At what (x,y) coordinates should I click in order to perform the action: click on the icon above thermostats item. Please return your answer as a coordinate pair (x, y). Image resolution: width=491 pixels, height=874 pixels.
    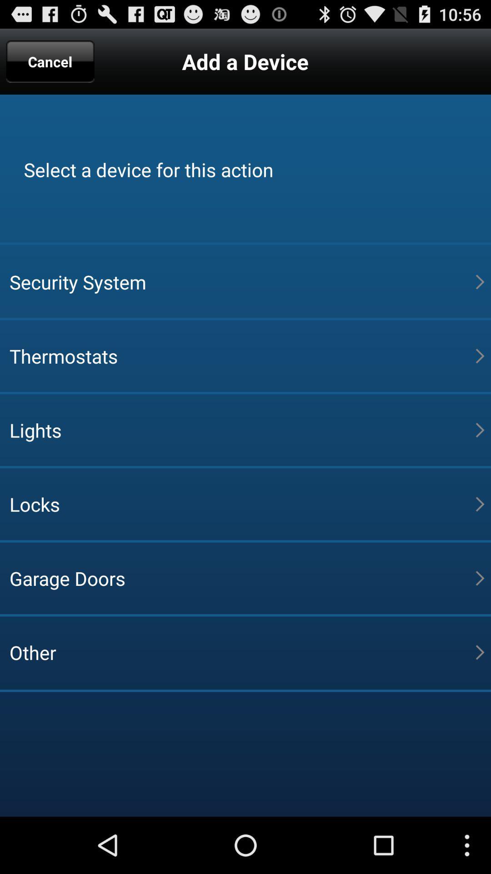
    Looking at the image, I should click on (242, 281).